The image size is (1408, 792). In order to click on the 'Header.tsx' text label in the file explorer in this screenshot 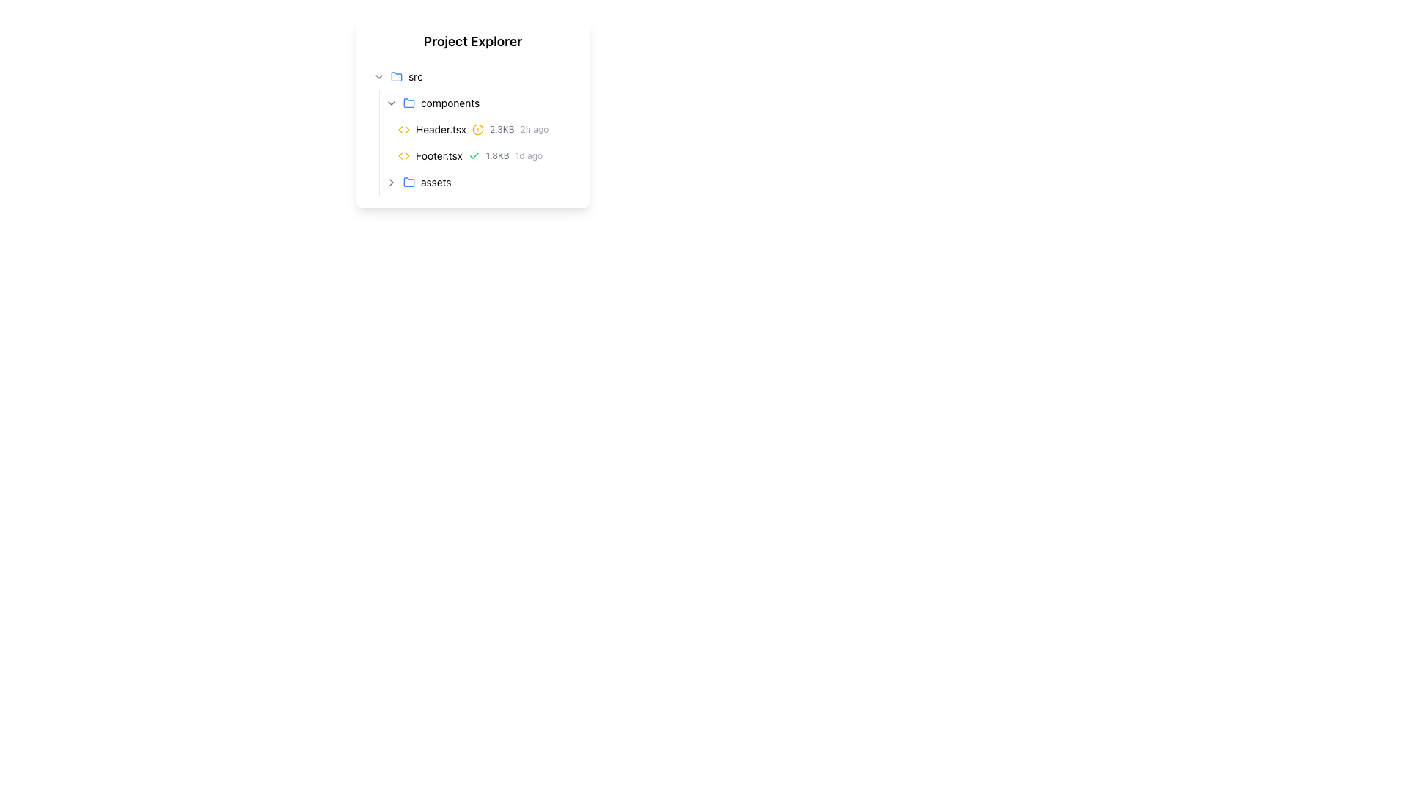, I will do `click(440, 129)`.